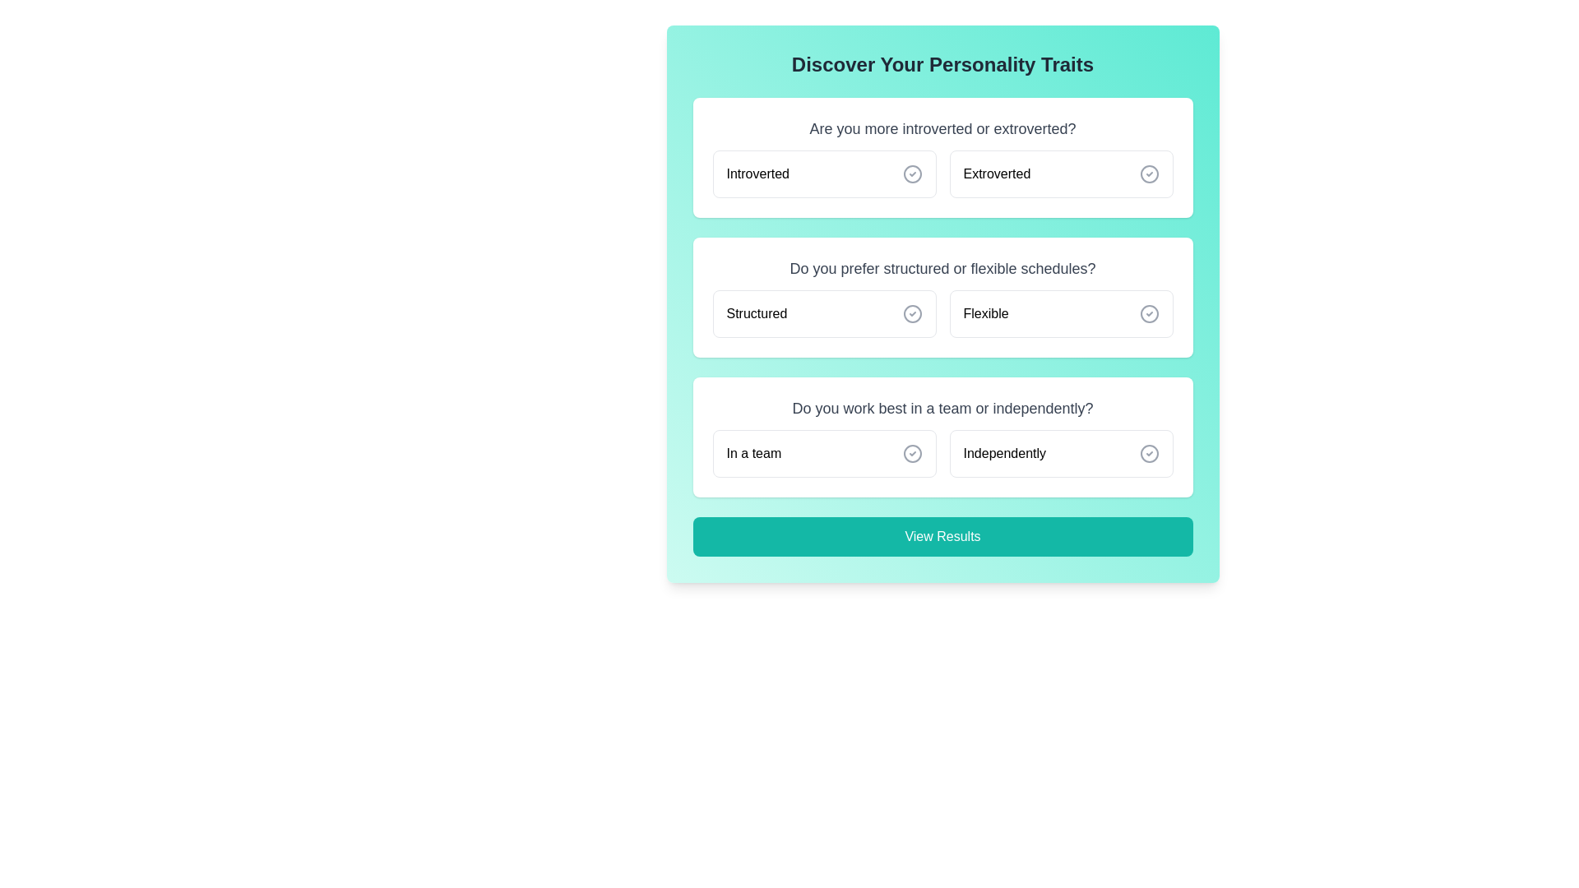 This screenshot has width=1579, height=888. I want to click on static text label for the last question's answer group in the user-input survey regarding teamwork preferences, located near the bottom of the card layout, so click(752, 453).